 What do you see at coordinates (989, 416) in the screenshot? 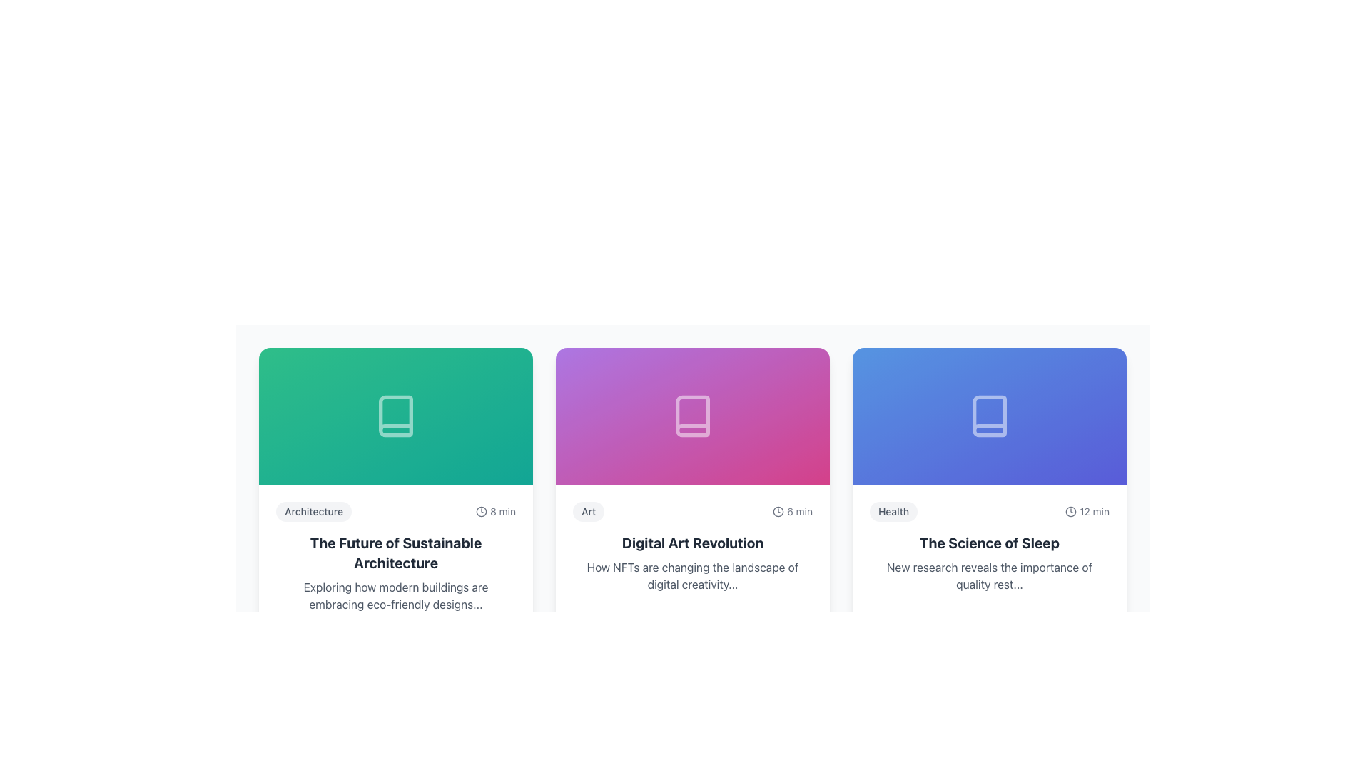
I see `the Book icon located in the blue-purple gradient header of the third content card from the left, which is directly above the text 'The Science of Sleep'` at bounding box center [989, 416].